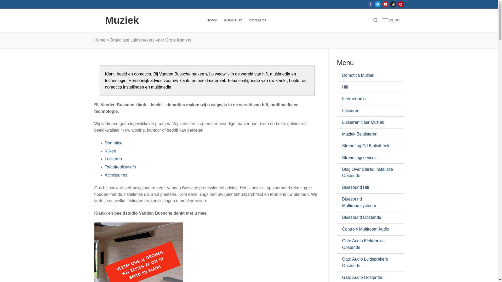 This screenshot has width=502, height=282. I want to click on 'Naar de inhoud springen', so click(0, 0).